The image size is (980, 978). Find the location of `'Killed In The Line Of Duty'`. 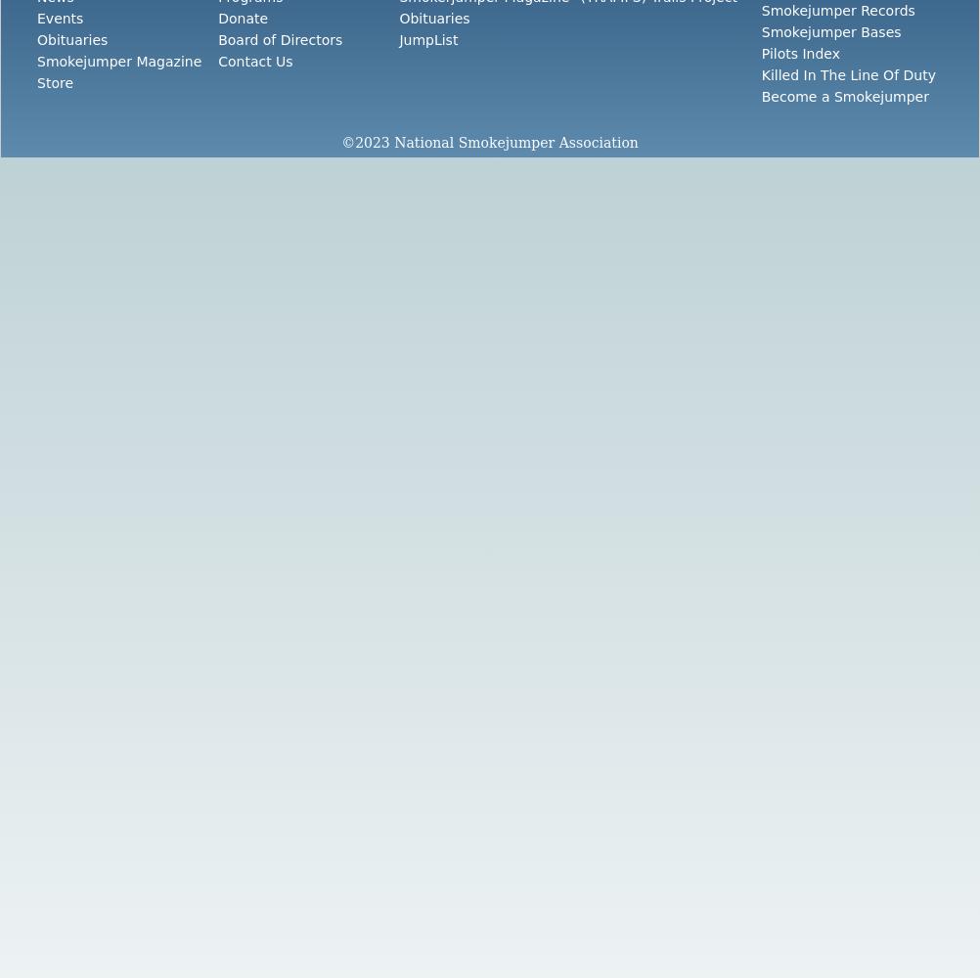

'Killed In The Line Of Duty' is located at coordinates (848, 74).